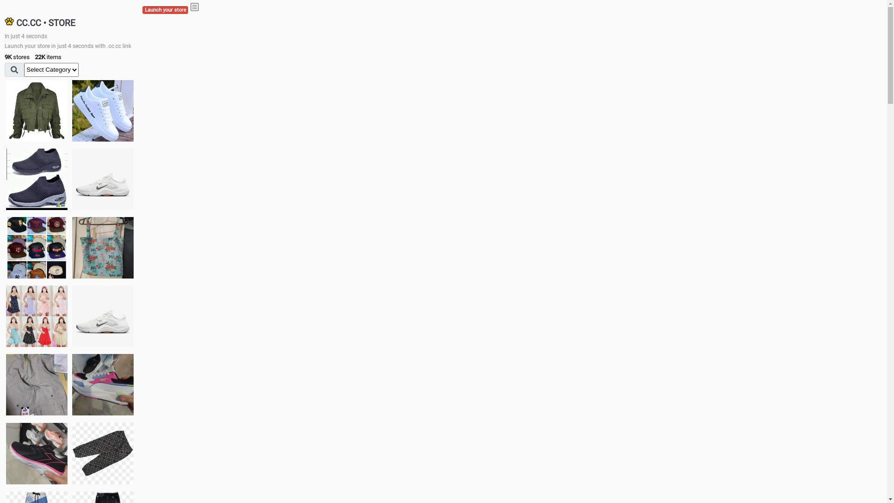 The image size is (894, 503). Describe the element at coordinates (102, 110) in the screenshot. I see `'white shoes'` at that location.